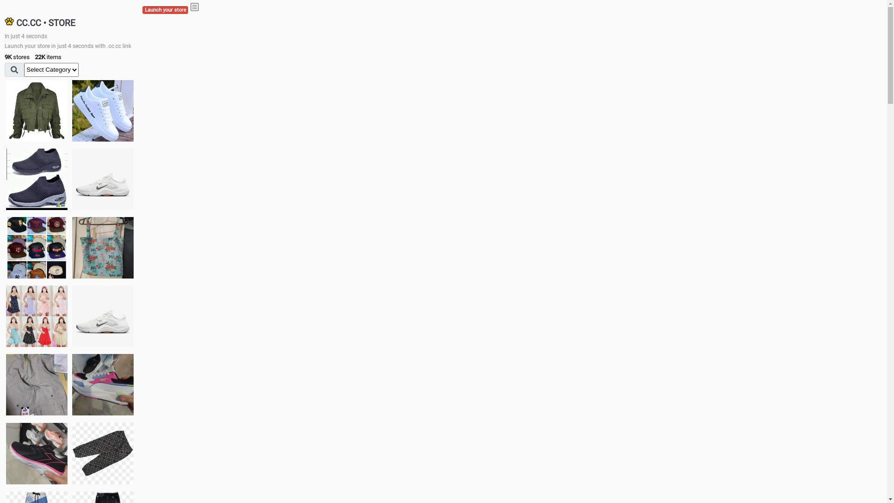 The image size is (894, 503). Describe the element at coordinates (102, 110) in the screenshot. I see `'white shoes'` at that location.